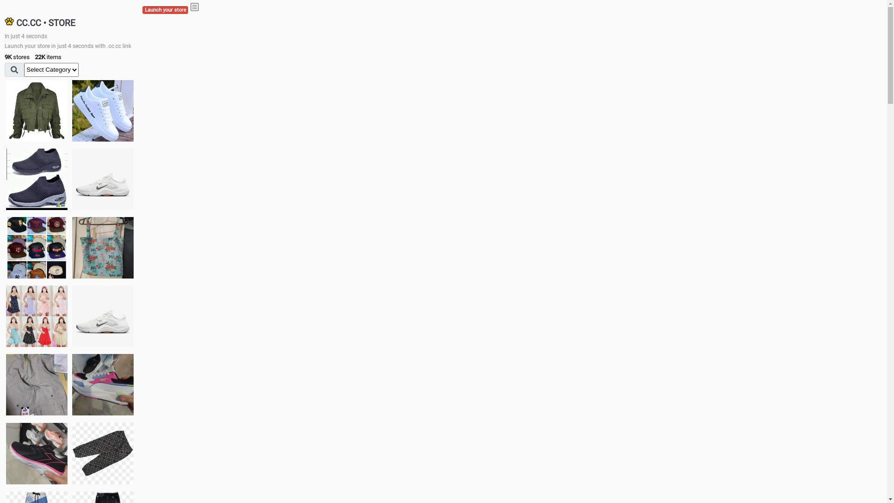 The image size is (894, 503). Describe the element at coordinates (102, 110) in the screenshot. I see `'white shoes'` at that location.